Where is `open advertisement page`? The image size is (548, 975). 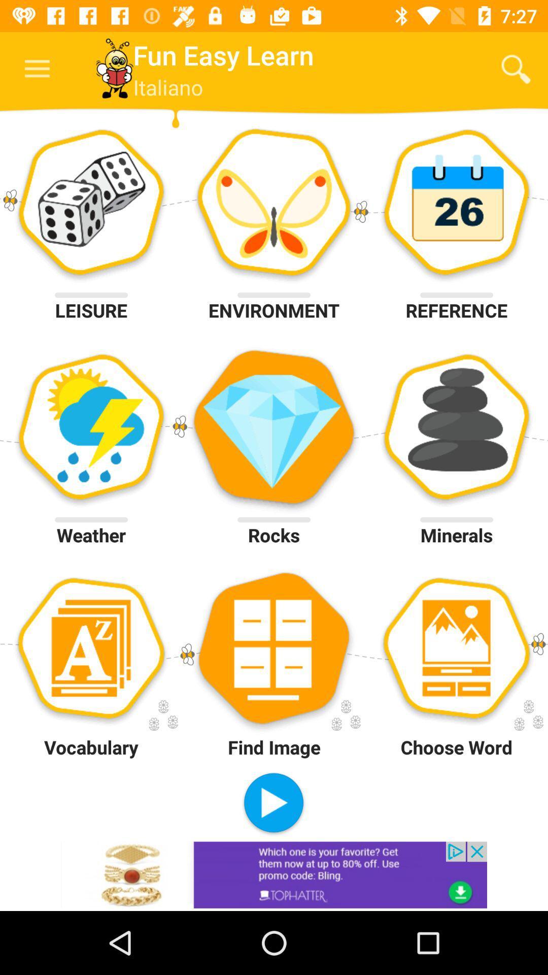 open advertisement page is located at coordinates (274, 874).